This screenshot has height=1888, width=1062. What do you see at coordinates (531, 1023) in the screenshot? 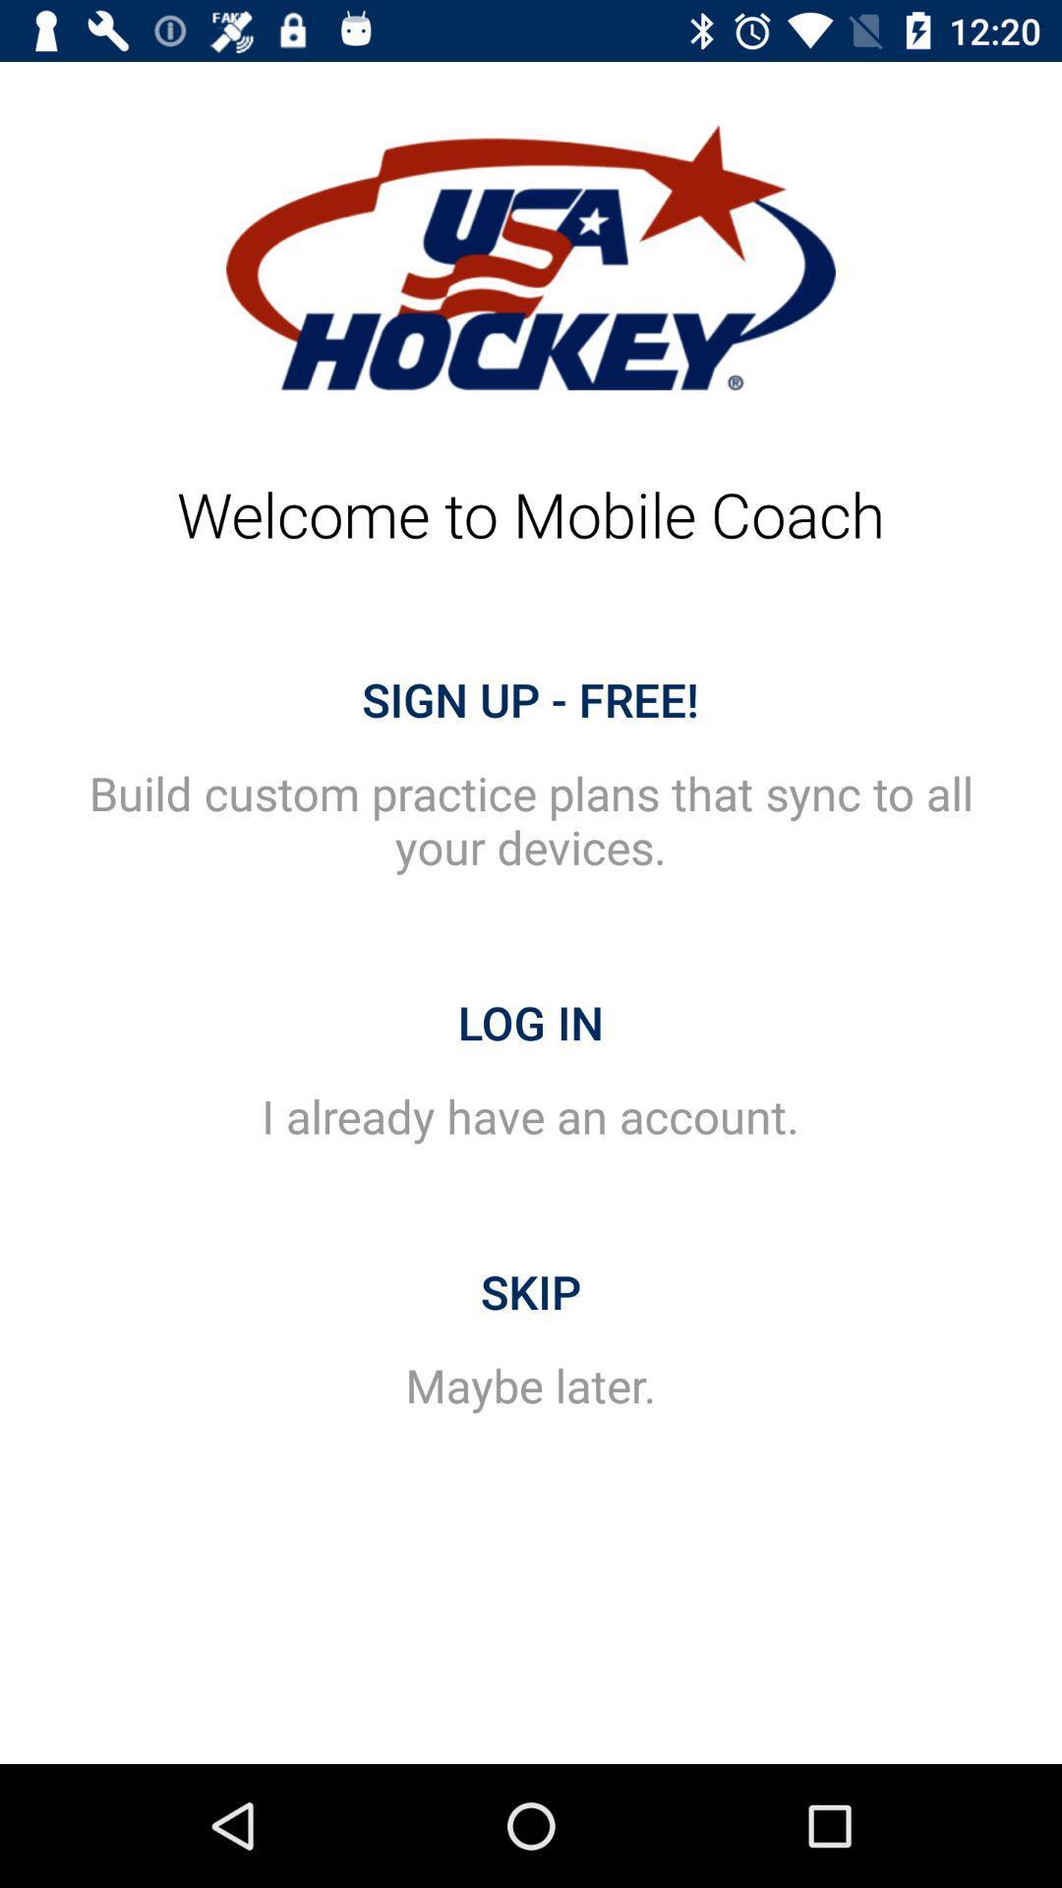
I see `the log in` at bounding box center [531, 1023].